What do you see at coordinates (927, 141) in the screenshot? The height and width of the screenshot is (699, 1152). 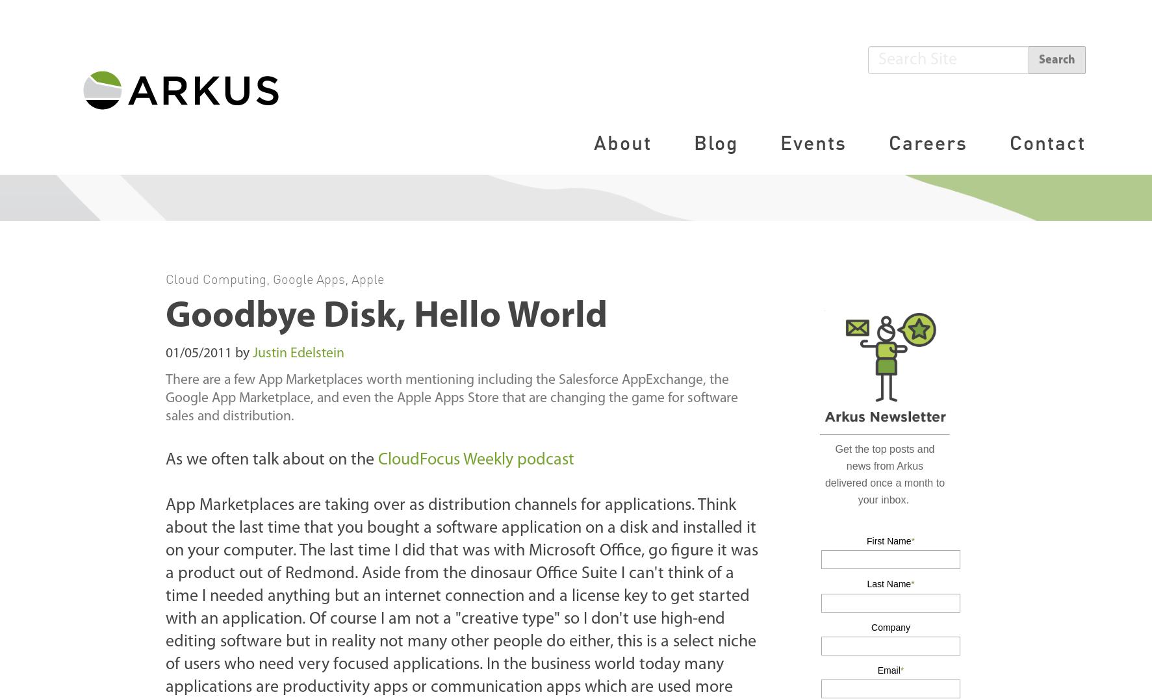 I see `'Careers'` at bounding box center [927, 141].